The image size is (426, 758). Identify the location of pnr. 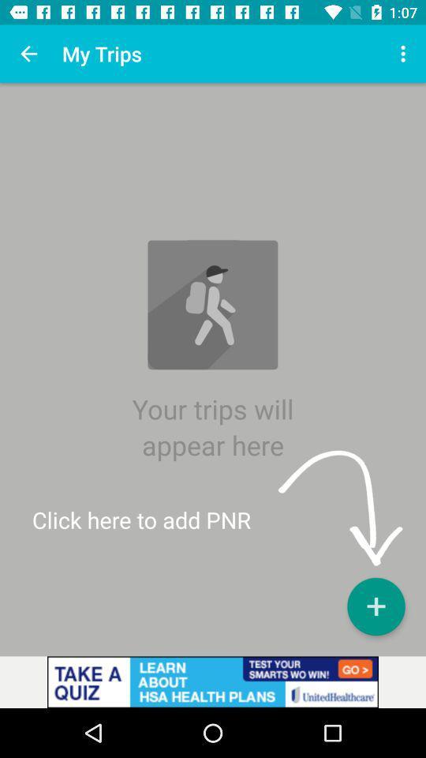
(375, 606).